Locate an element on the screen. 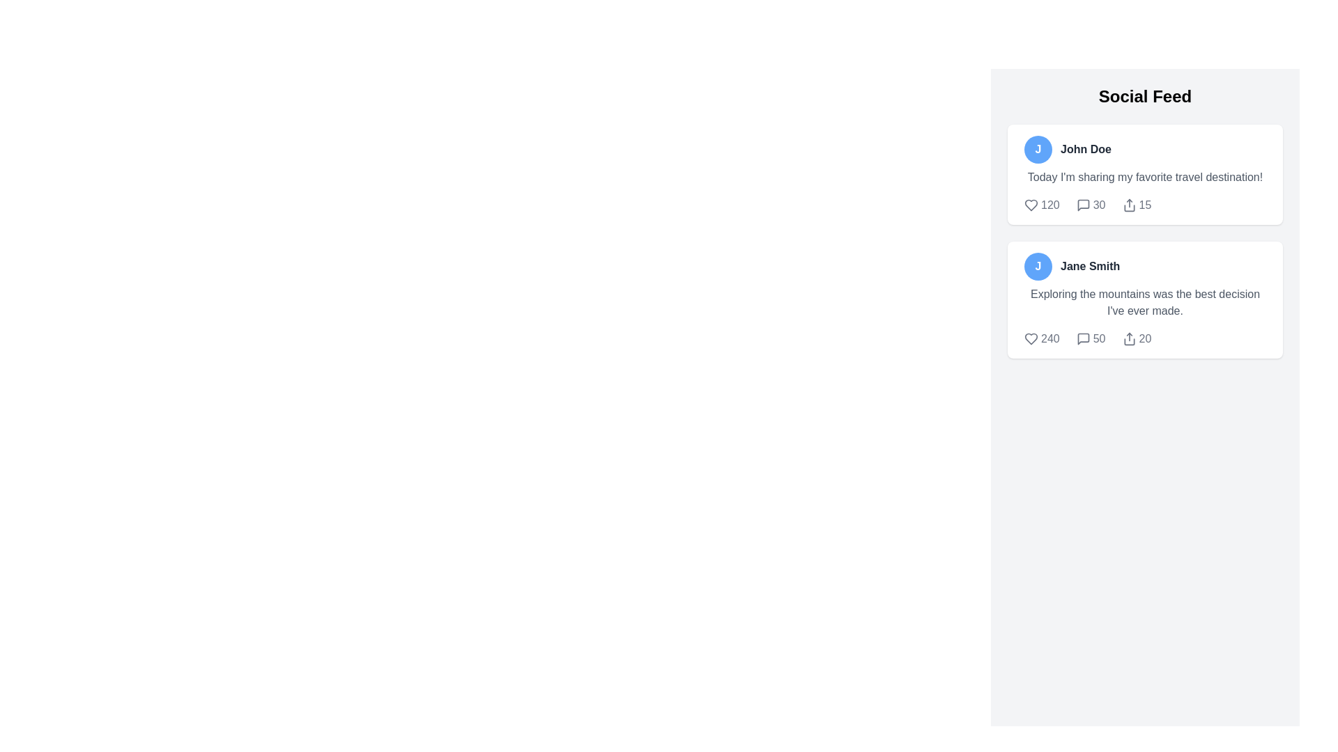 Image resolution: width=1338 pixels, height=752 pixels. the share button icon is located at coordinates (1129, 205).